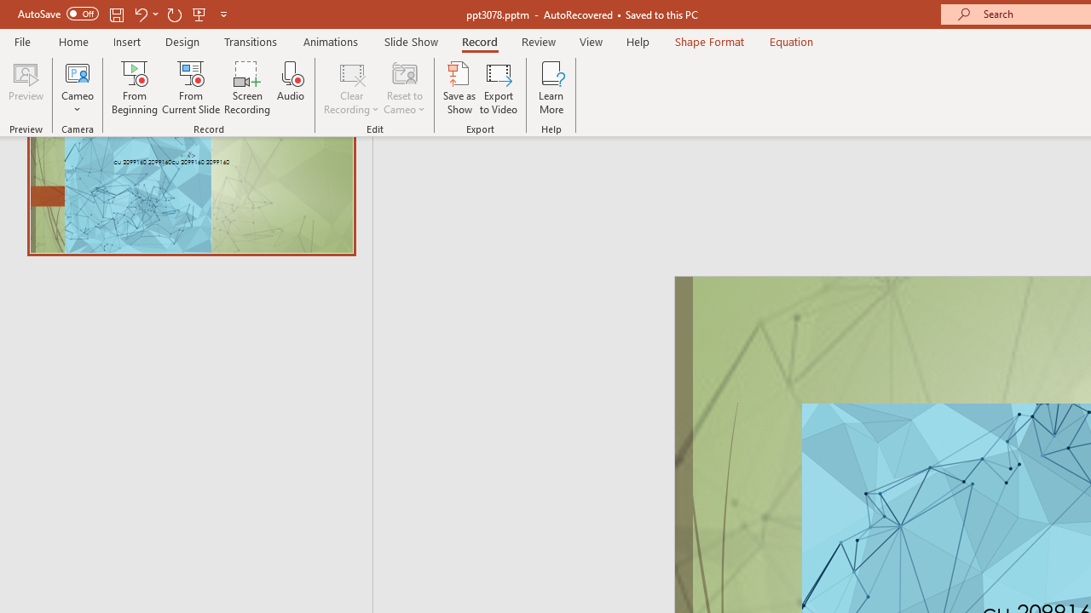  What do you see at coordinates (791, 41) in the screenshot?
I see `'Equation'` at bounding box center [791, 41].